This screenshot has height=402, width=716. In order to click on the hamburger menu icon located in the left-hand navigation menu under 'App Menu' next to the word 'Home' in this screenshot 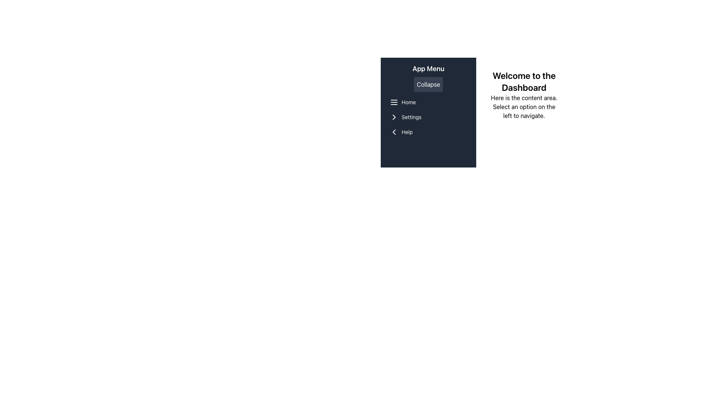, I will do `click(393, 102)`.